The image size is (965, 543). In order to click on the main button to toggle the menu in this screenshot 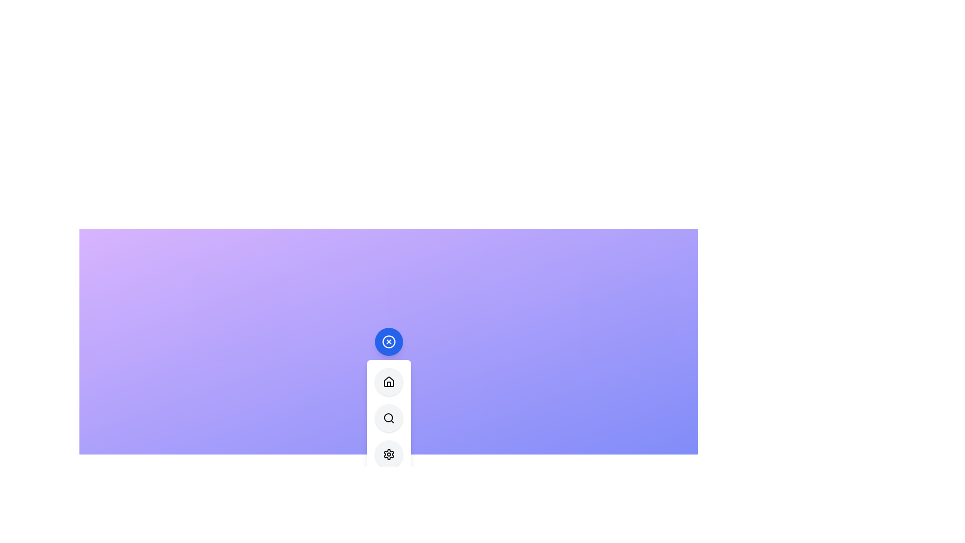, I will do `click(388, 341)`.